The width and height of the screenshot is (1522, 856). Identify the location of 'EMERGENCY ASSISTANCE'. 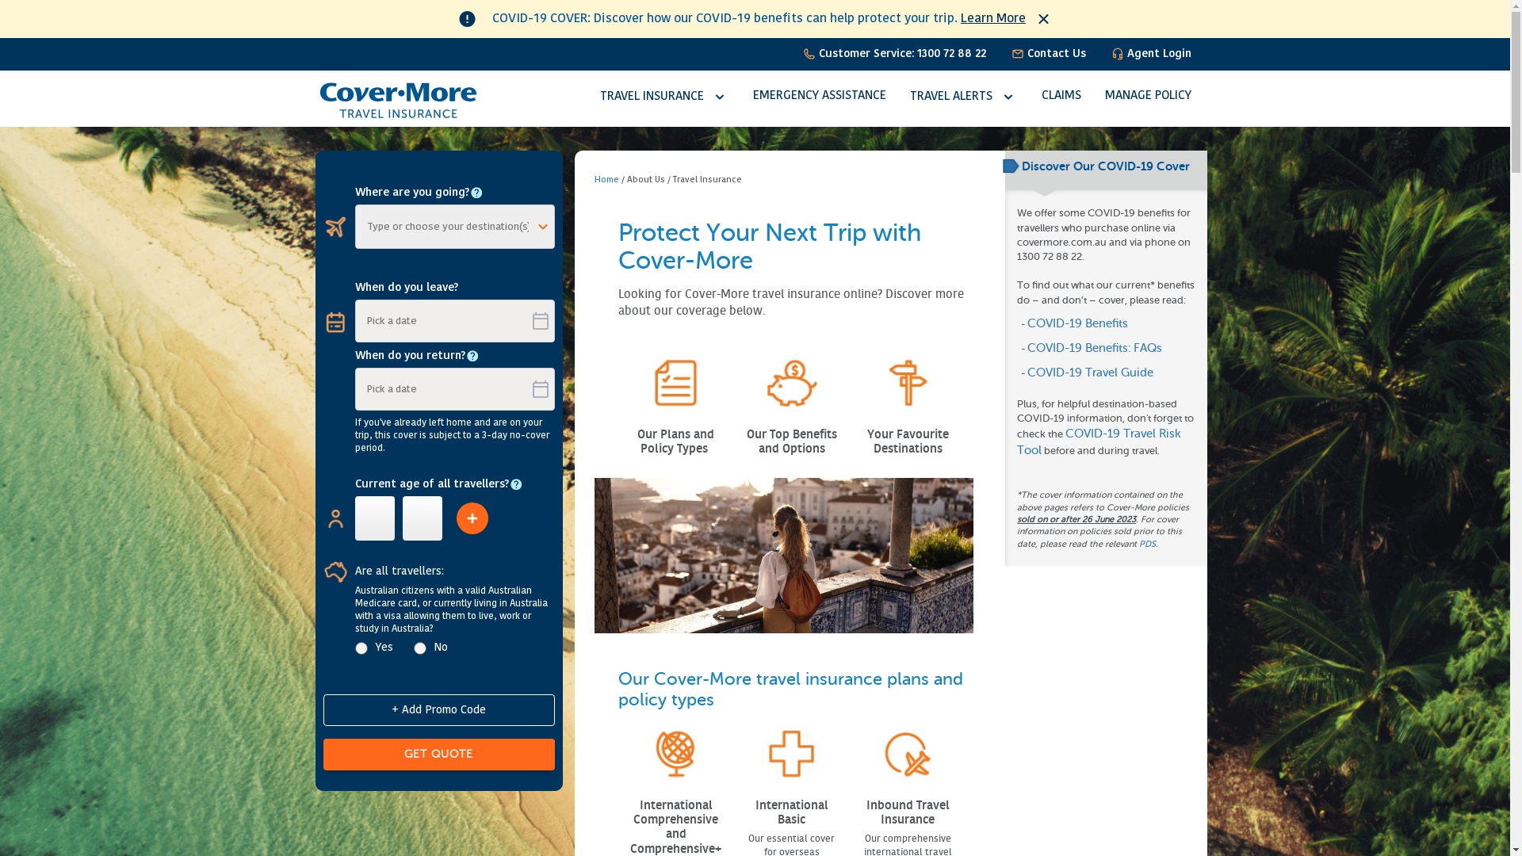
(819, 96).